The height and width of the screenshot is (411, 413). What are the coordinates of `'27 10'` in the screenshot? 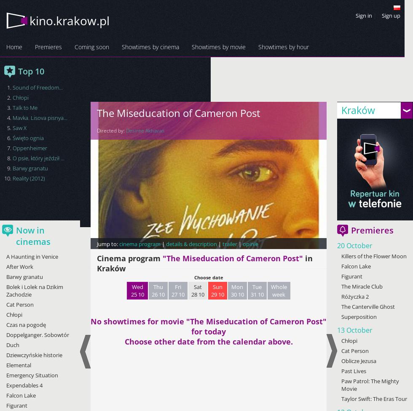 It's located at (178, 294).